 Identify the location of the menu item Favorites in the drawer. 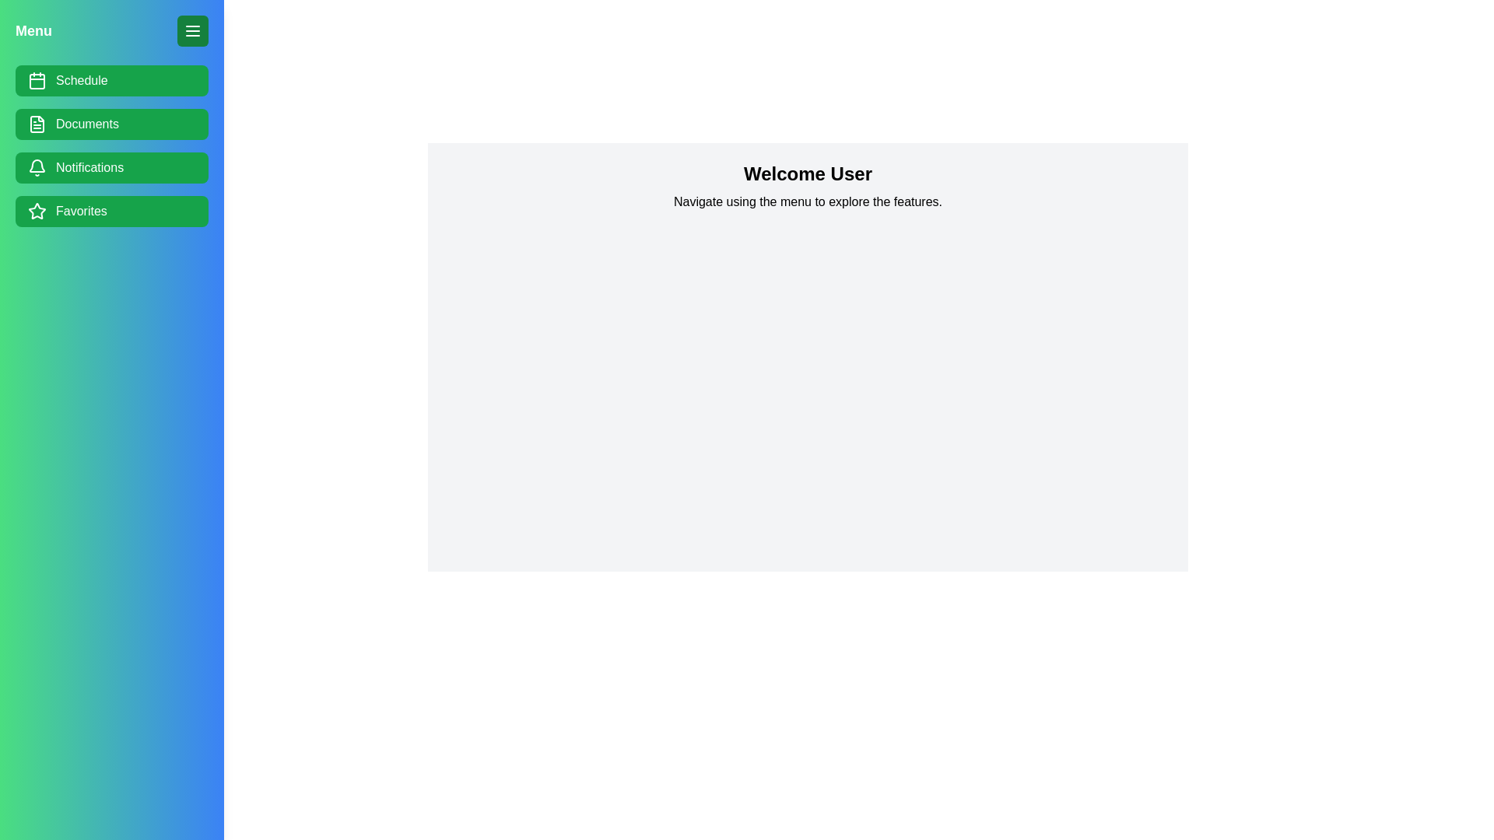
(111, 212).